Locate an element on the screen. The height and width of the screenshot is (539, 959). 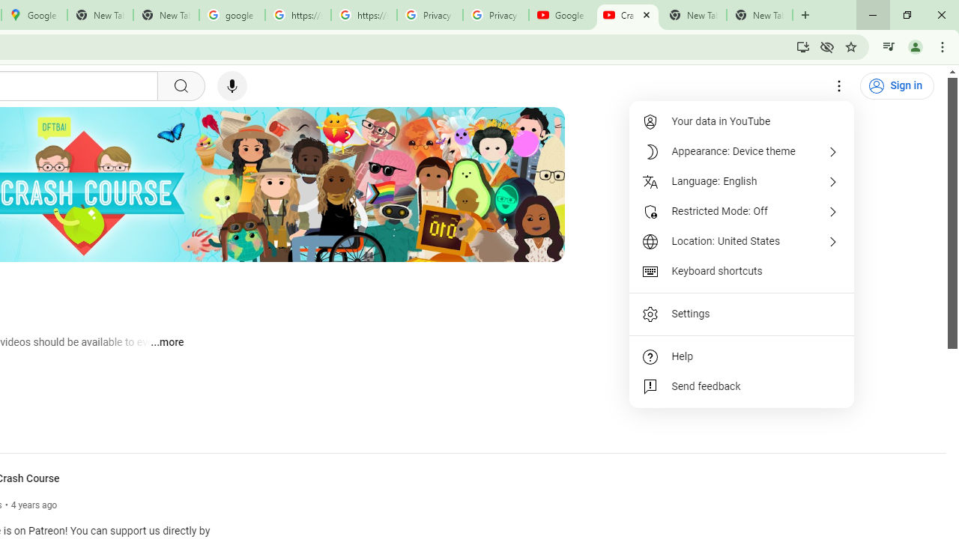
'https://scholar.google.com/' is located at coordinates (363, 15).